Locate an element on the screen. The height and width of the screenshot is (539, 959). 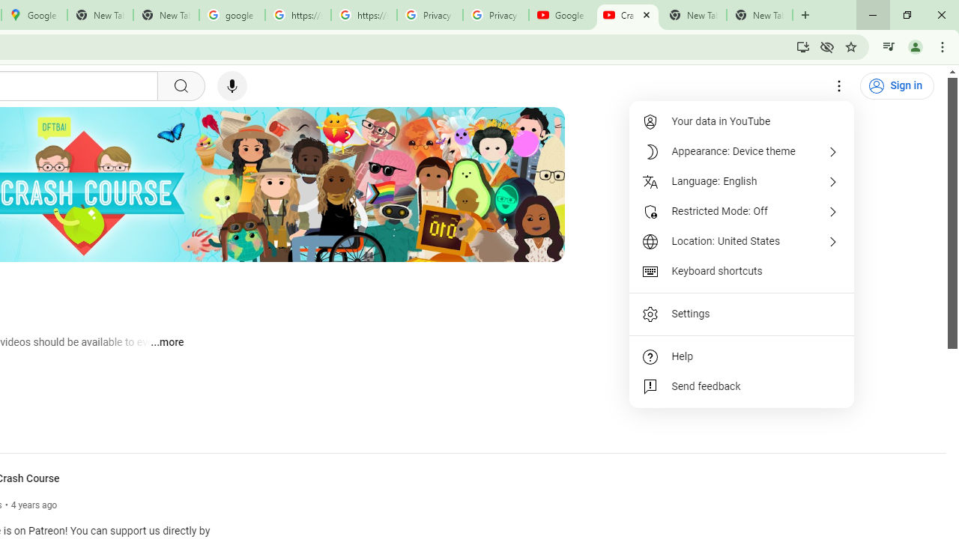
'https://scholar.google.com/' is located at coordinates (363, 15).